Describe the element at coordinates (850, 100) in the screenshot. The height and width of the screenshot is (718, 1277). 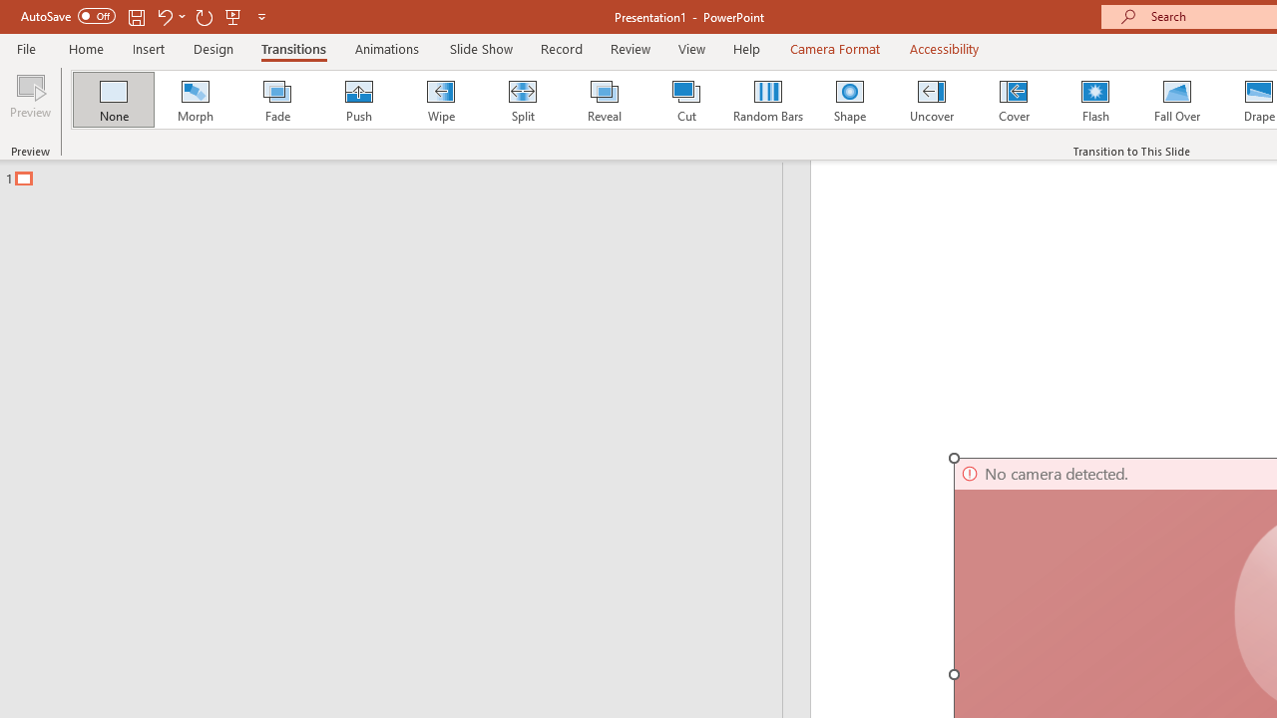
I see `'Shape'` at that location.